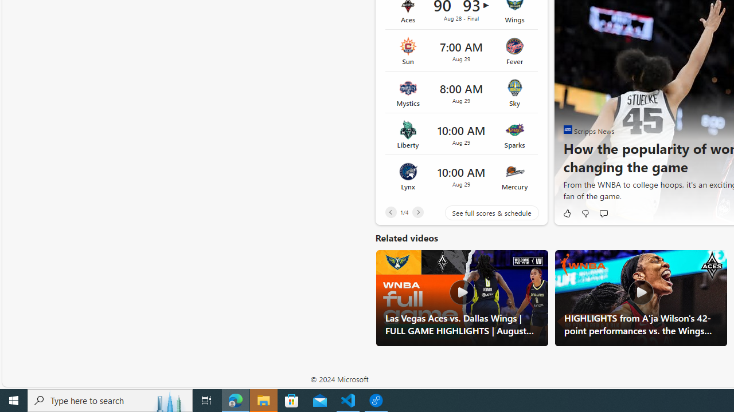 Image resolution: width=734 pixels, height=412 pixels. Describe the element at coordinates (461, 134) in the screenshot. I see `'Liberty vs Sparks Time 10:00 AM Date Aug 29'` at that location.